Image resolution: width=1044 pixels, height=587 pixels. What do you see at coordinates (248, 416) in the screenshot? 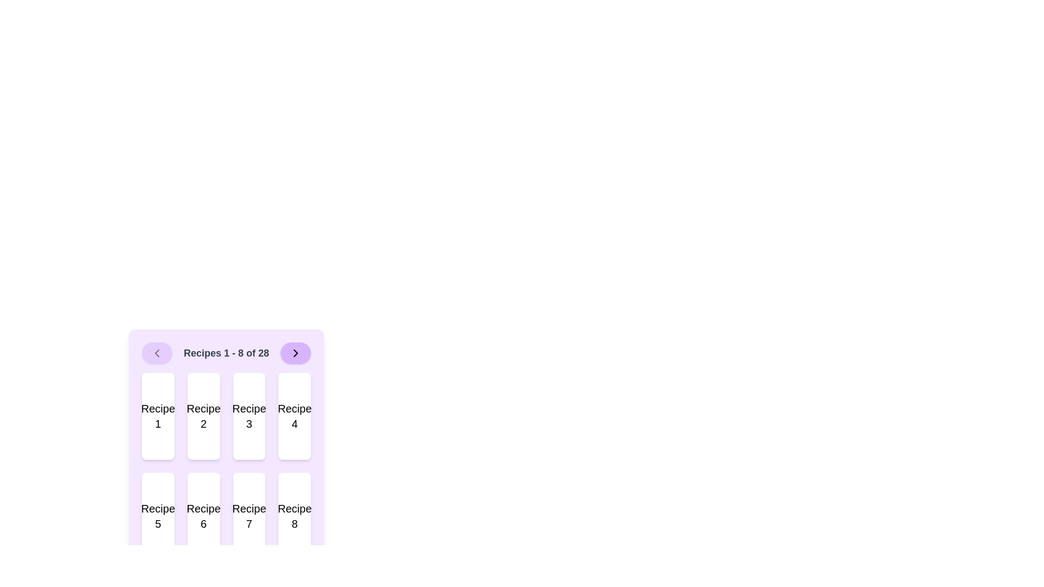
I see `the third card in the first row that contains the title 'Recipe 3', which is positioned in the upper-right section of the grid` at bounding box center [248, 416].